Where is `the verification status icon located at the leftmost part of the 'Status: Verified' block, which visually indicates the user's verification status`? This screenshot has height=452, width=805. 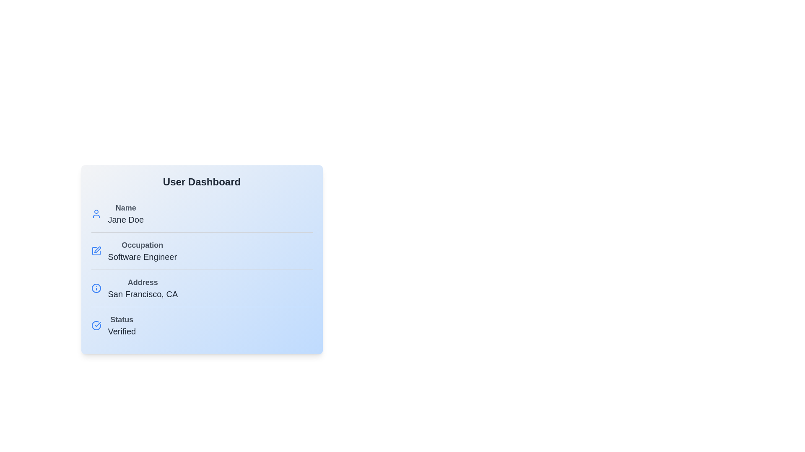 the verification status icon located at the leftmost part of the 'Status: Verified' block, which visually indicates the user's verification status is located at coordinates (96, 325).